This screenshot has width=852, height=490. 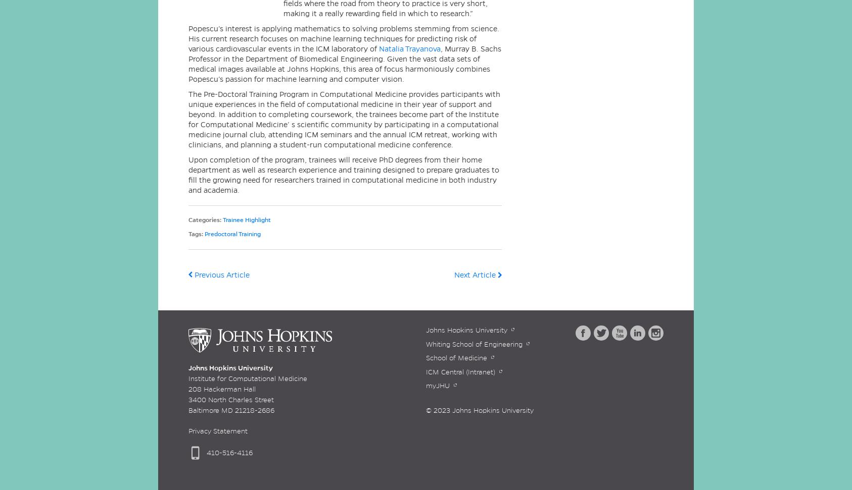 I want to click on 'Whiting School of Engineering', so click(x=474, y=344).